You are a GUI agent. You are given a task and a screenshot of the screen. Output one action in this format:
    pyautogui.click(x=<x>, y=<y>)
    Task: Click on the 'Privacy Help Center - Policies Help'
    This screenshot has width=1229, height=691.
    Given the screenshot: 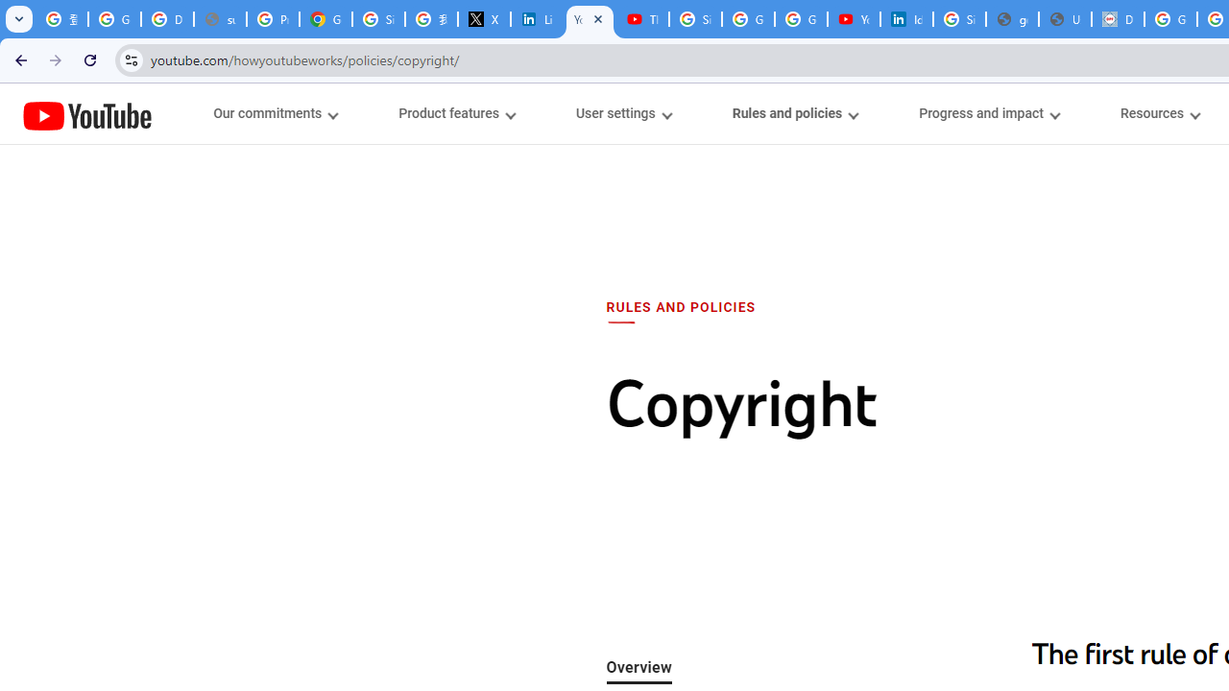 What is the action you would take?
    pyautogui.click(x=272, y=19)
    